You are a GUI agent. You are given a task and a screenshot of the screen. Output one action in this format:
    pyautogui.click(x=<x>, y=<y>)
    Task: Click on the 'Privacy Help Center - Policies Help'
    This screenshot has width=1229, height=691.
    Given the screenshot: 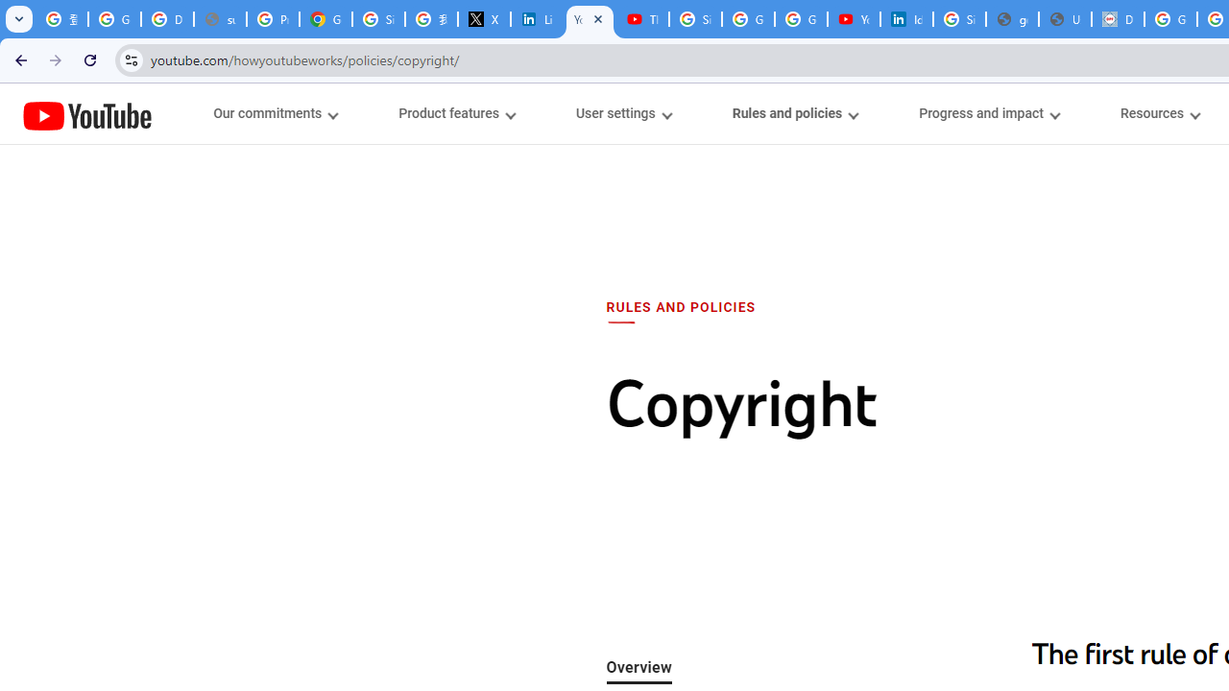 What is the action you would take?
    pyautogui.click(x=272, y=19)
    